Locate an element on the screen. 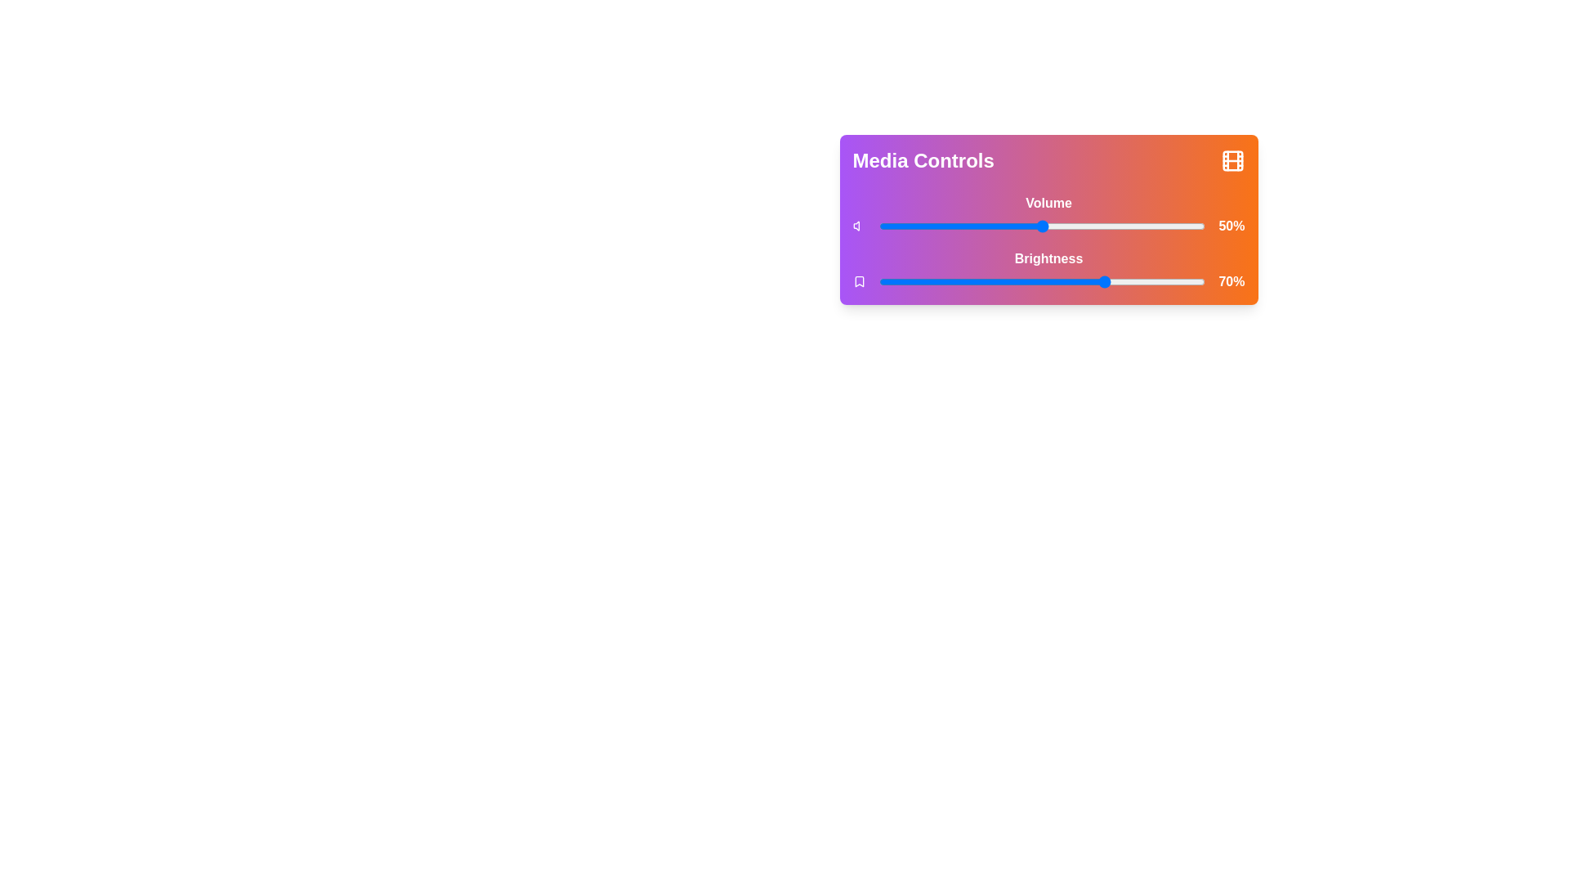 The image size is (1569, 883). the brightness slider to 12% is located at coordinates (918, 280).